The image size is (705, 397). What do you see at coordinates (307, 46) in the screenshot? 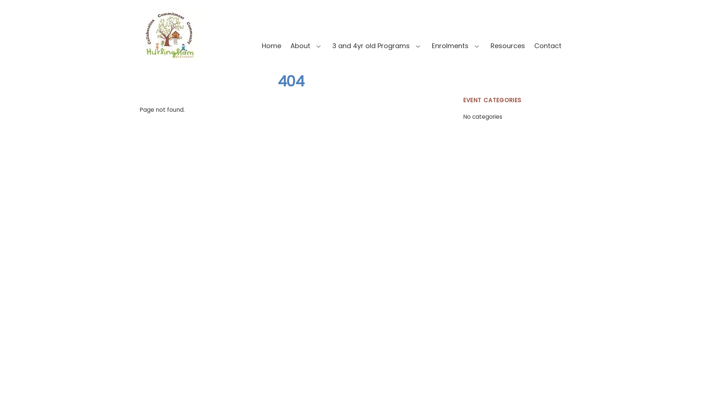
I see `'About'` at bounding box center [307, 46].